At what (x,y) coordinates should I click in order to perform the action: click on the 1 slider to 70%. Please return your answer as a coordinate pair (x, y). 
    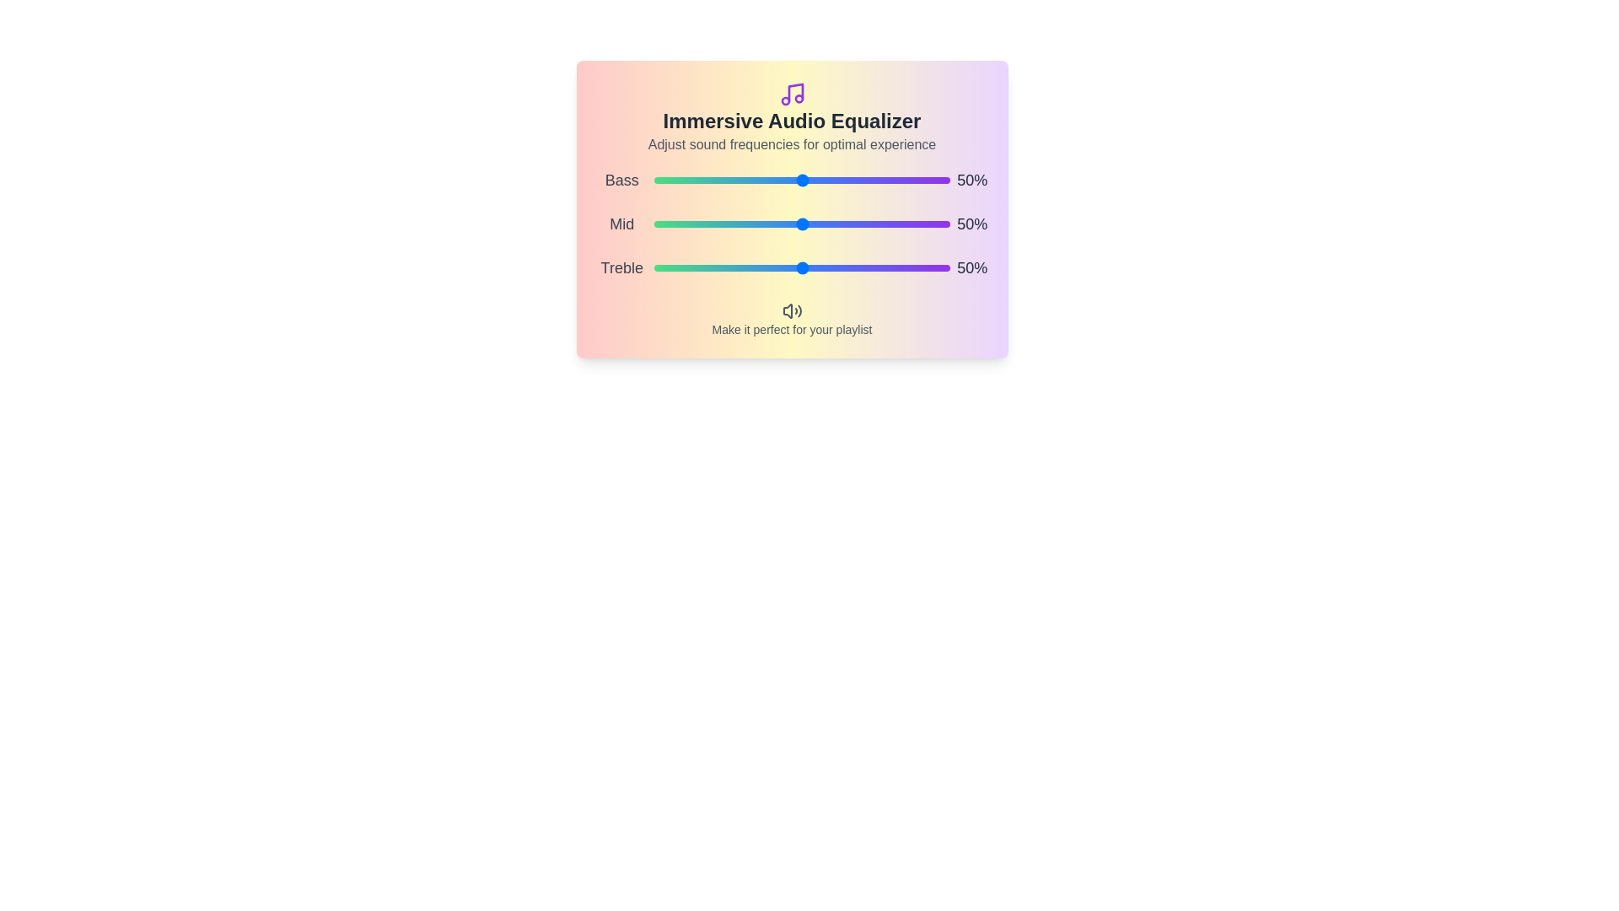
    Looking at the image, I should click on (905, 224).